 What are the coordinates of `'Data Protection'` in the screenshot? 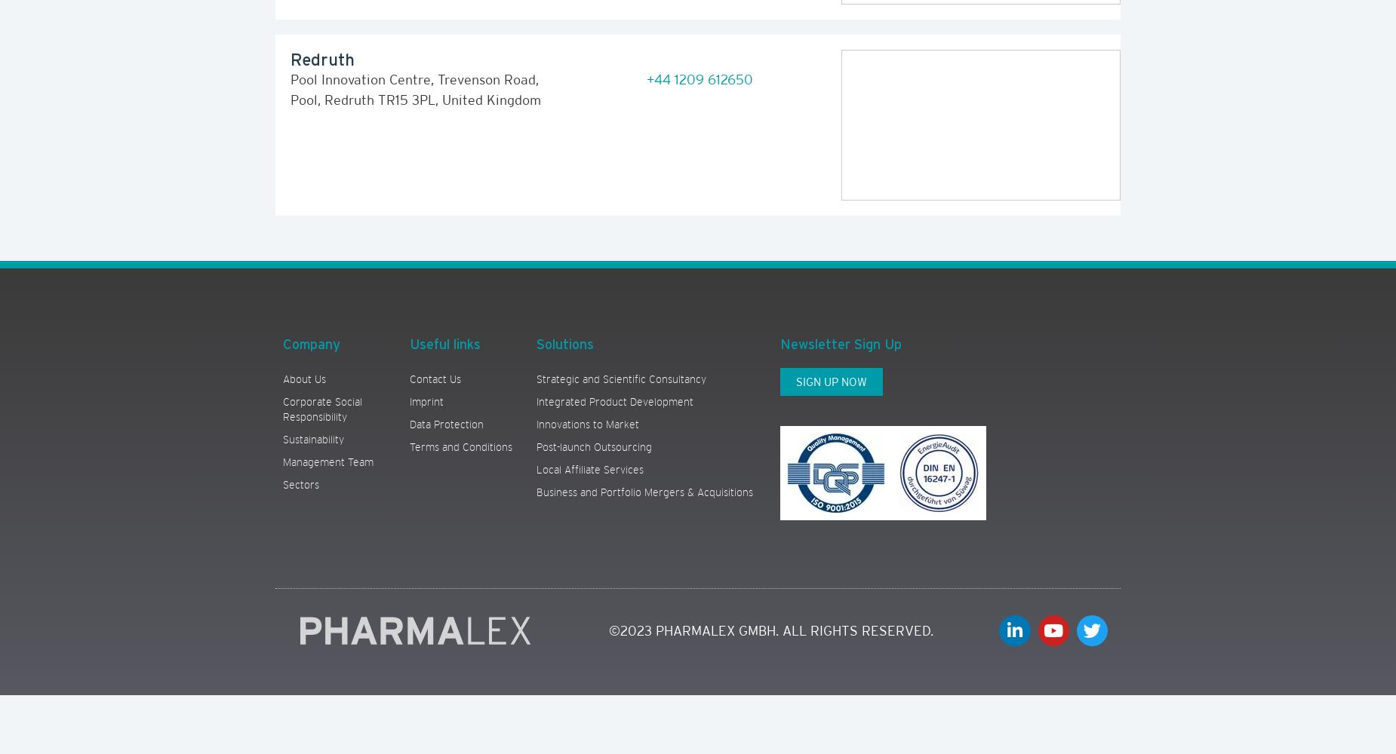 It's located at (409, 424).